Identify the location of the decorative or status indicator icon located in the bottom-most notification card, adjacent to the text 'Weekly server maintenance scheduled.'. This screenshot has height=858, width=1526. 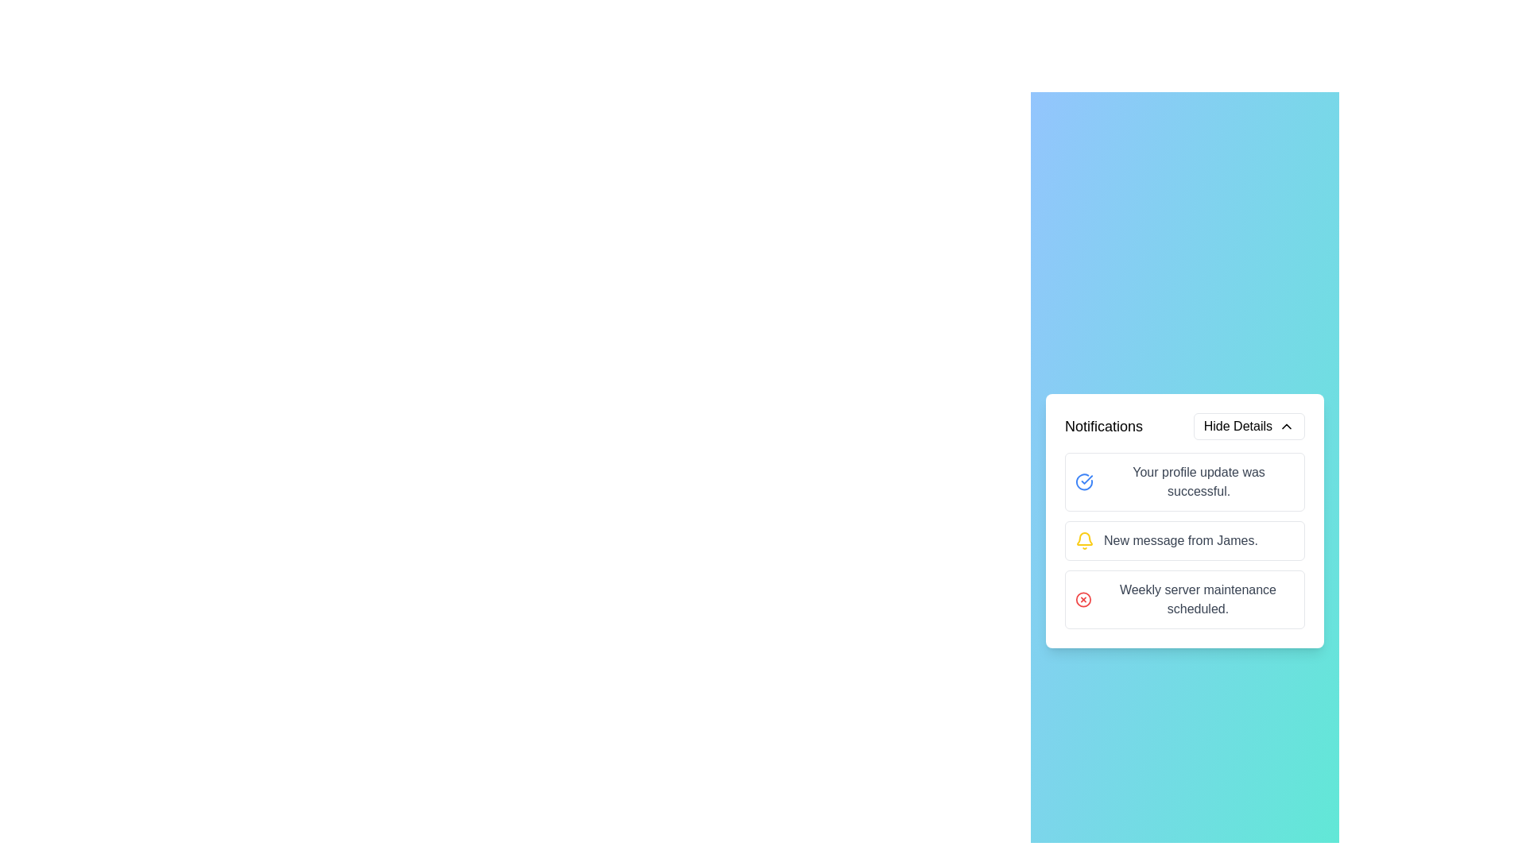
(1083, 600).